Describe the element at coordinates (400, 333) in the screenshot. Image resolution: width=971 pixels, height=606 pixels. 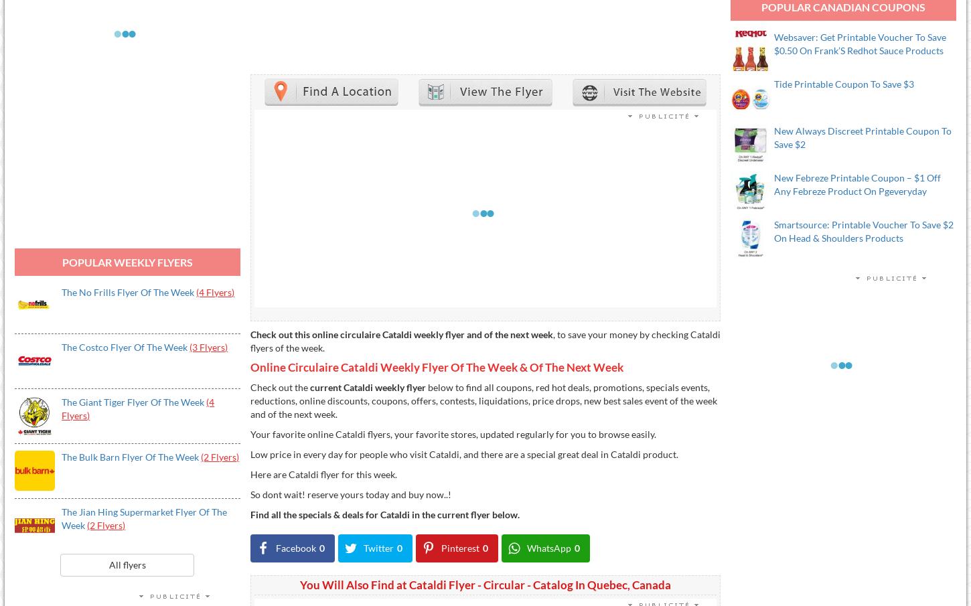
I see `'Check out this online circulaire Cataldi weekly flyer and of the next week'` at that location.